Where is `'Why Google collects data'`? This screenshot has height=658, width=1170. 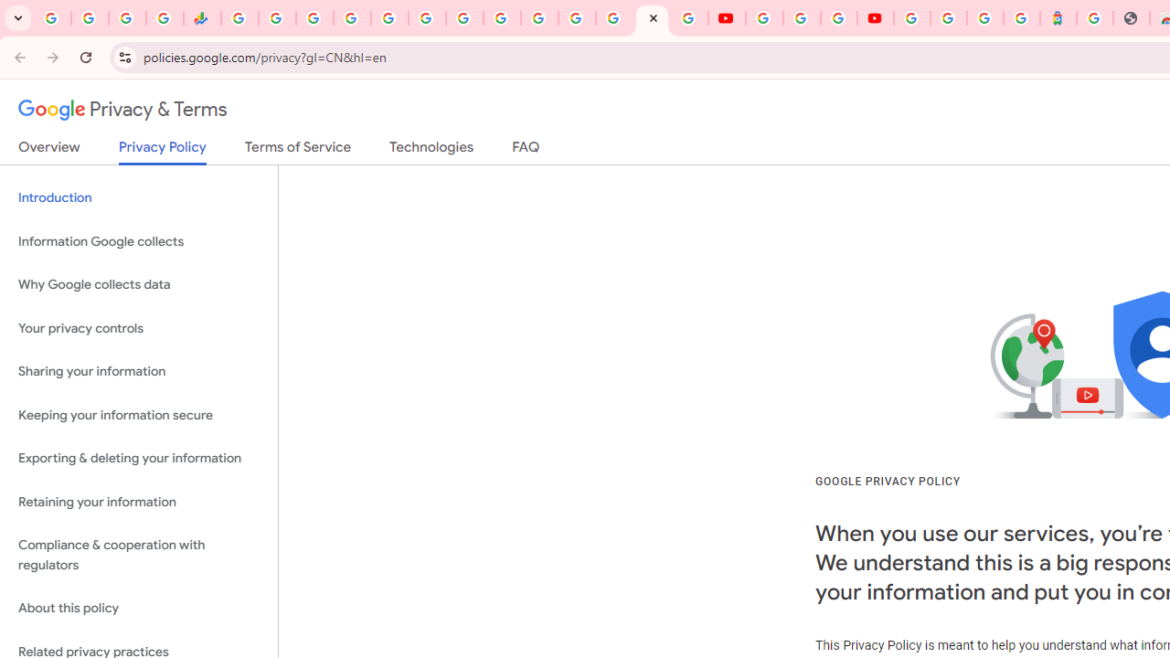 'Why Google collects data' is located at coordinates (138, 285).